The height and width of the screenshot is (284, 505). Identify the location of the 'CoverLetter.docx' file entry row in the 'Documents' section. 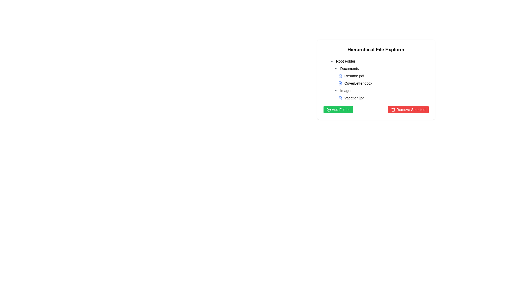
(382, 83).